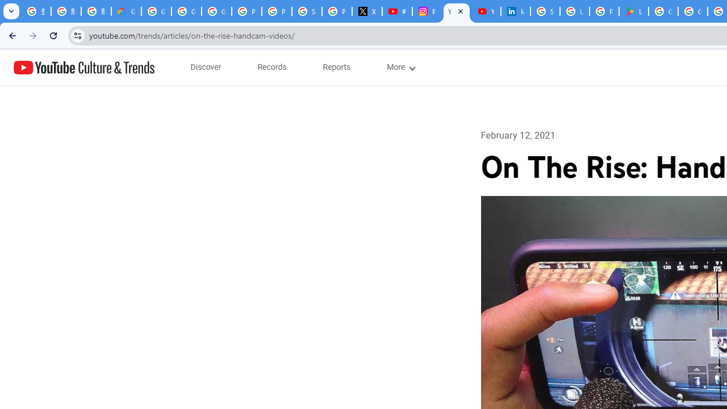 The image size is (727, 409). Describe the element at coordinates (692, 11) in the screenshot. I see `'Google Workspace - Specific Terms'` at that location.